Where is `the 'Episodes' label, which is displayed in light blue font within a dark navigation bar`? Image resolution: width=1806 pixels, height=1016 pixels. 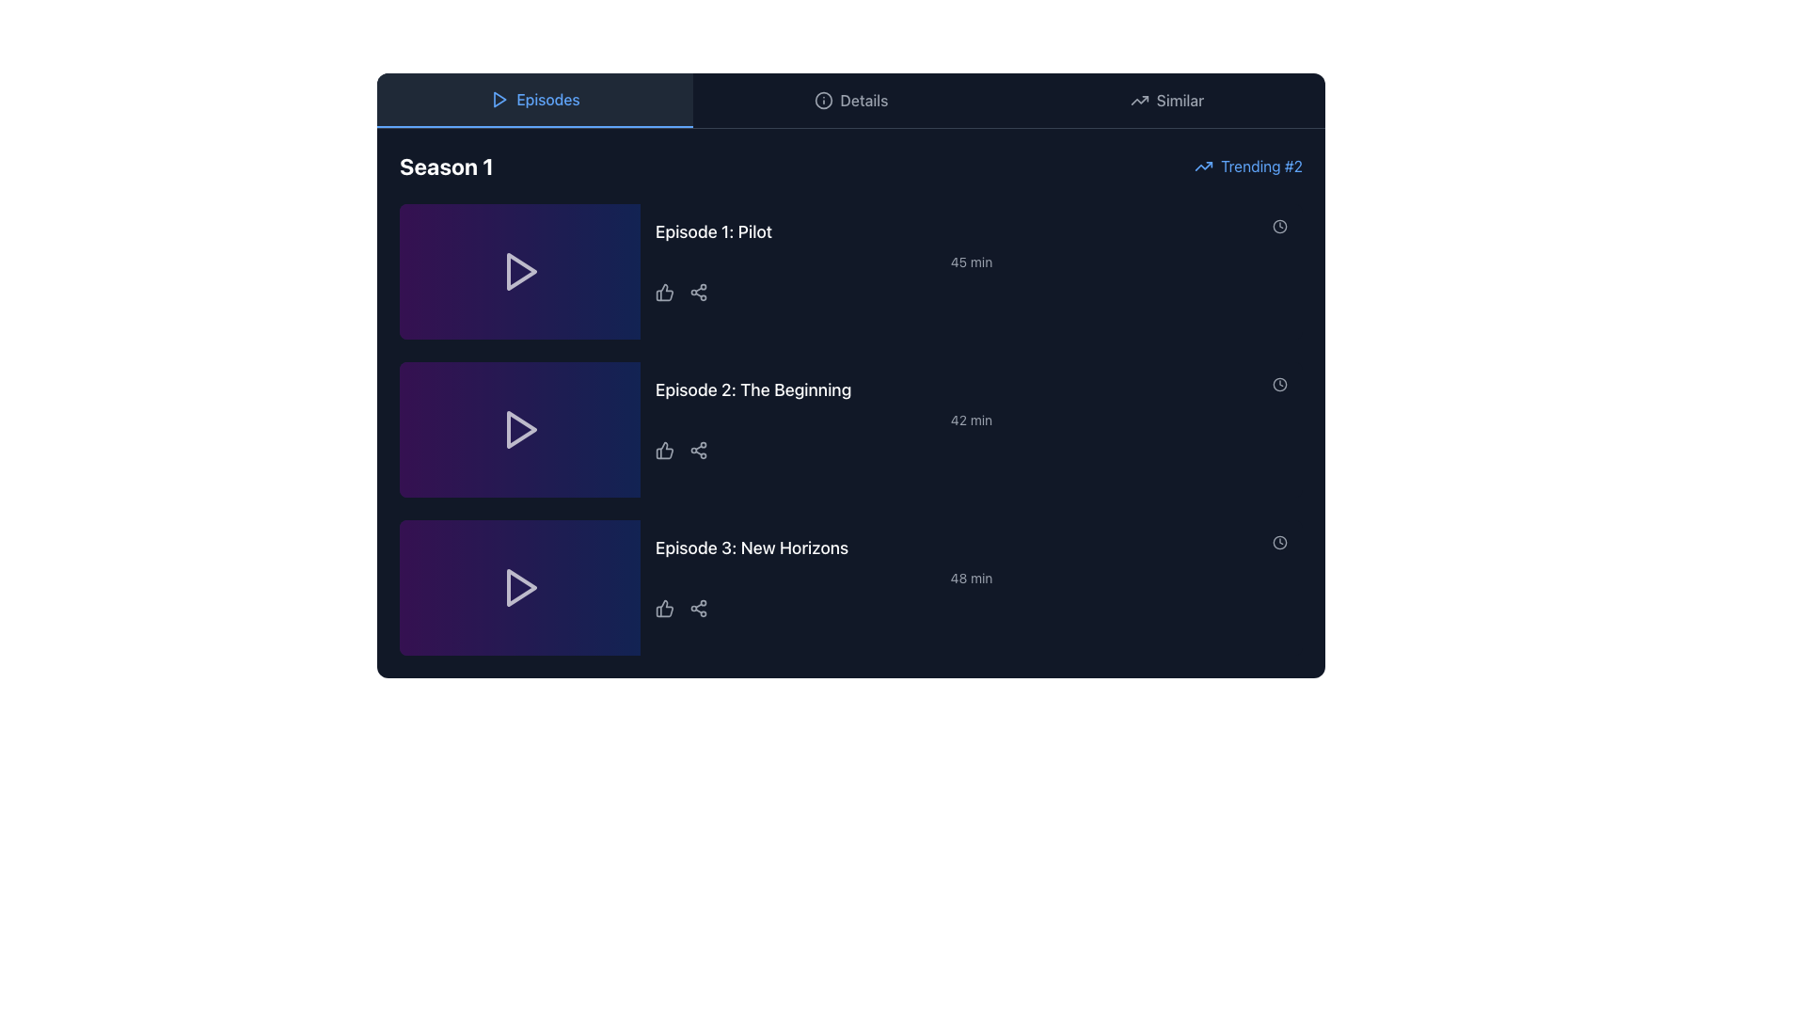 the 'Episodes' label, which is displayed in light blue font within a dark navigation bar is located at coordinates (547, 99).